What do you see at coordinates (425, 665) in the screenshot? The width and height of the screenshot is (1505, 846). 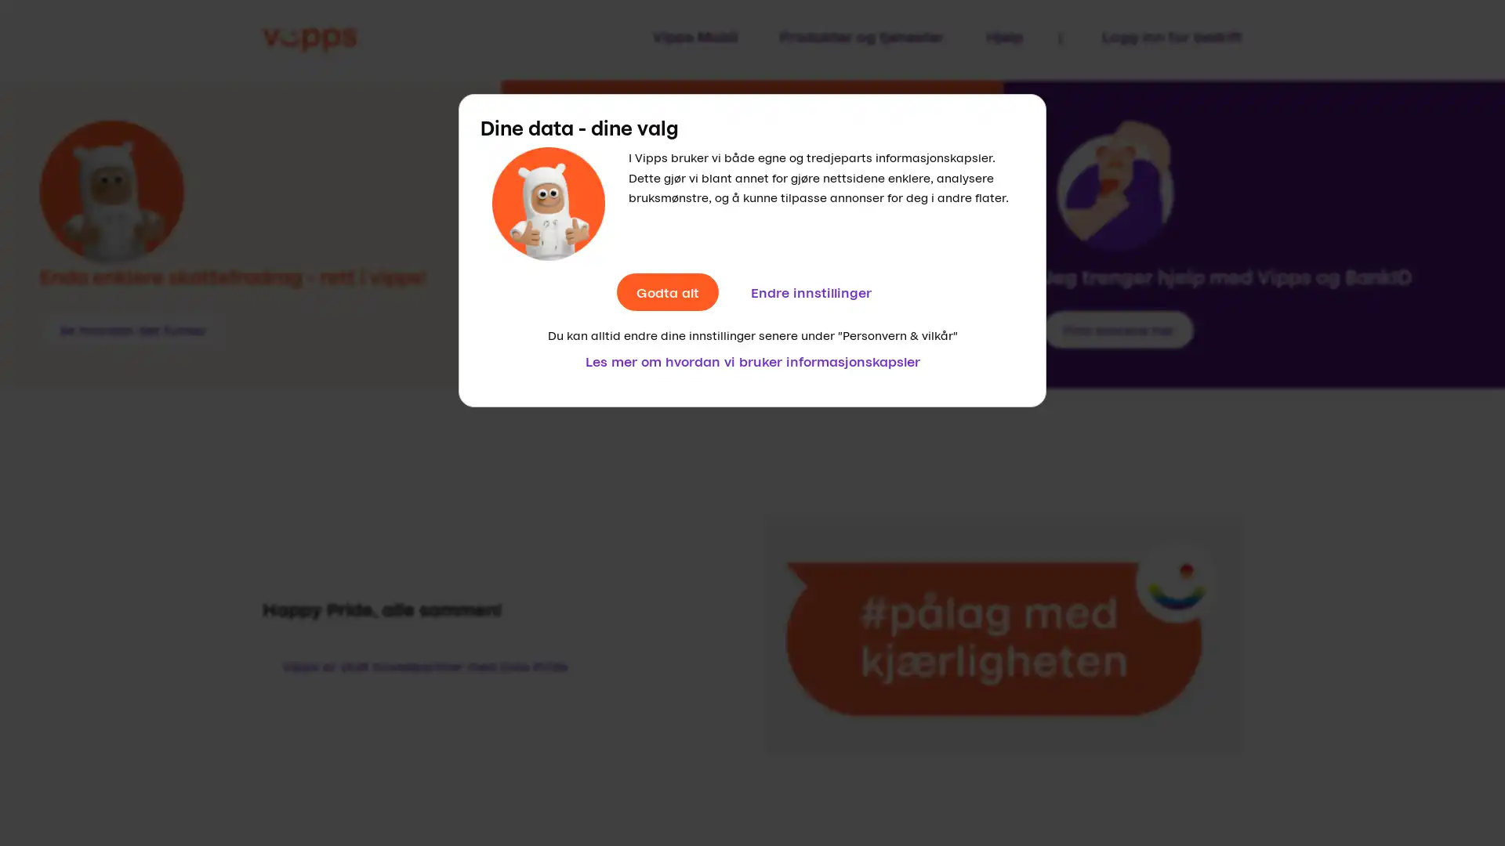 I see `Vipps er stolt hovedpartner med Oslo Pride` at bounding box center [425, 665].